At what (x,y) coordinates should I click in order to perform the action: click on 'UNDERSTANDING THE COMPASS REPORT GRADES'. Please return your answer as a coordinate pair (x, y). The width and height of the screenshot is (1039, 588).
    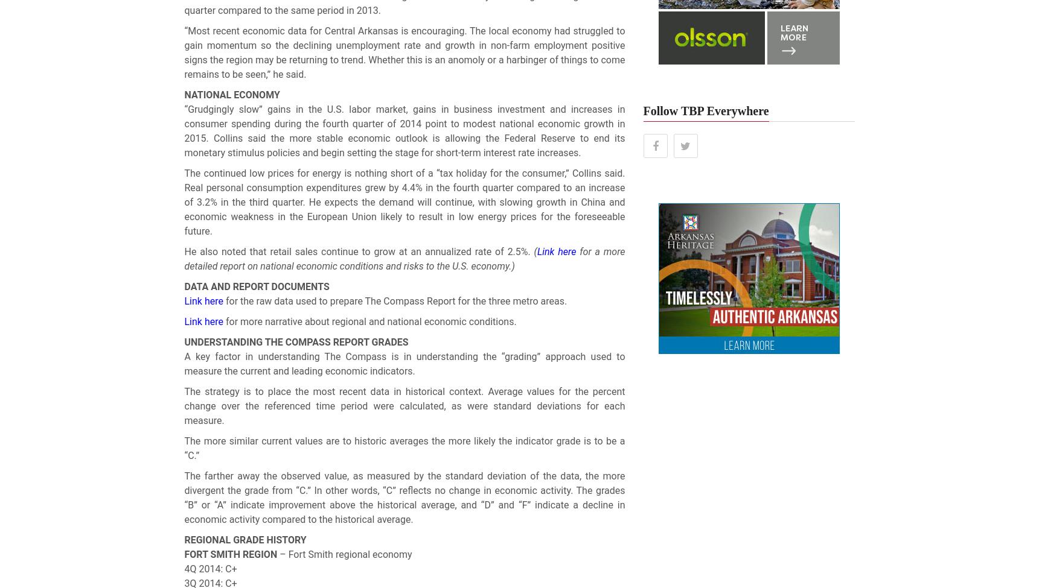
    Looking at the image, I should click on (183, 341).